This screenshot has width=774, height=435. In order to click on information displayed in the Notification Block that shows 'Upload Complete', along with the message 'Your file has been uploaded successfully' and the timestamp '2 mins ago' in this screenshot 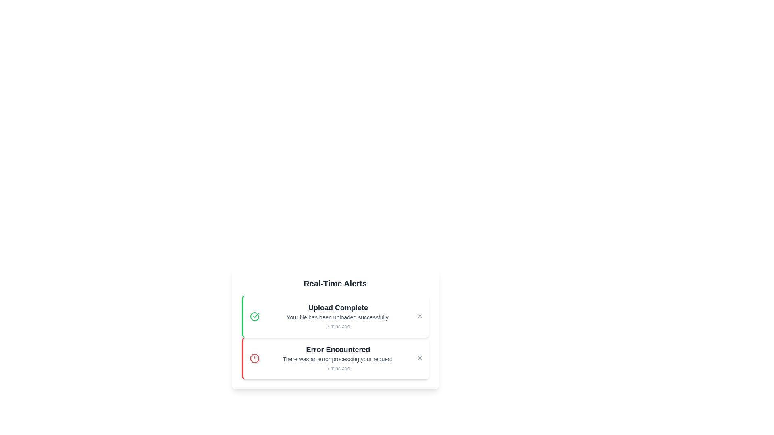, I will do `click(338, 316)`.